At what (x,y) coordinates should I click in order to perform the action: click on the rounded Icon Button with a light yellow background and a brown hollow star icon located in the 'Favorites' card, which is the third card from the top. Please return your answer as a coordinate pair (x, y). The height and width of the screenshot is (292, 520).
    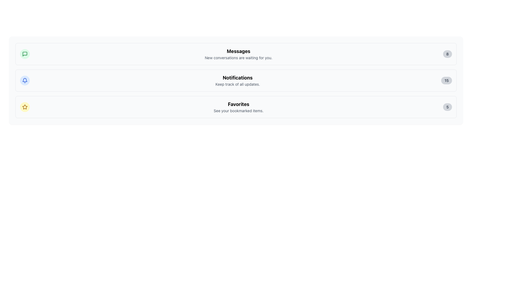
    Looking at the image, I should click on (24, 107).